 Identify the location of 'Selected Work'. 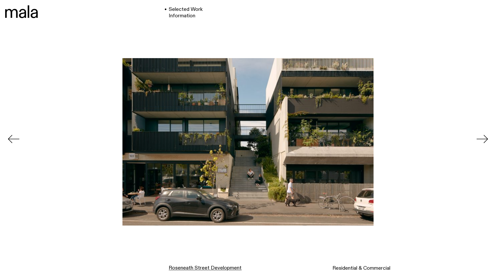
(168, 9).